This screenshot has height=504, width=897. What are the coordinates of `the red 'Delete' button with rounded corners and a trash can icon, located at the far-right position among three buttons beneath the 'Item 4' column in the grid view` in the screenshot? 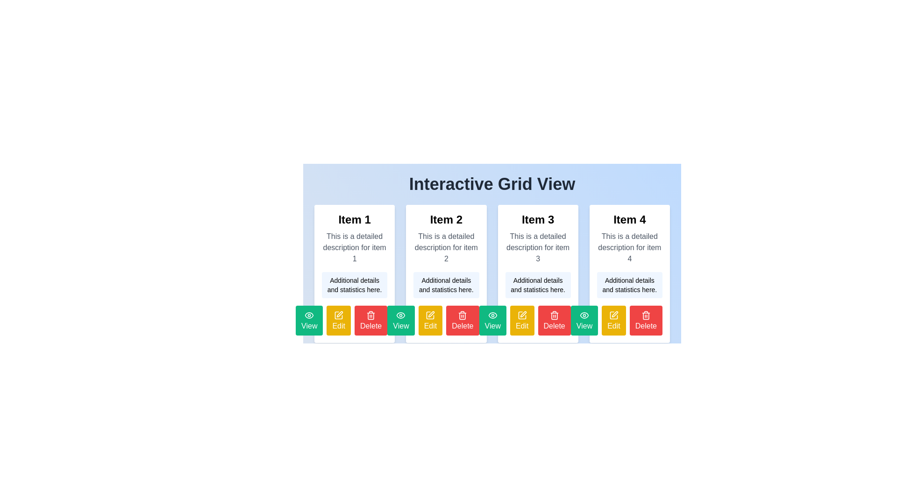 It's located at (370, 469).